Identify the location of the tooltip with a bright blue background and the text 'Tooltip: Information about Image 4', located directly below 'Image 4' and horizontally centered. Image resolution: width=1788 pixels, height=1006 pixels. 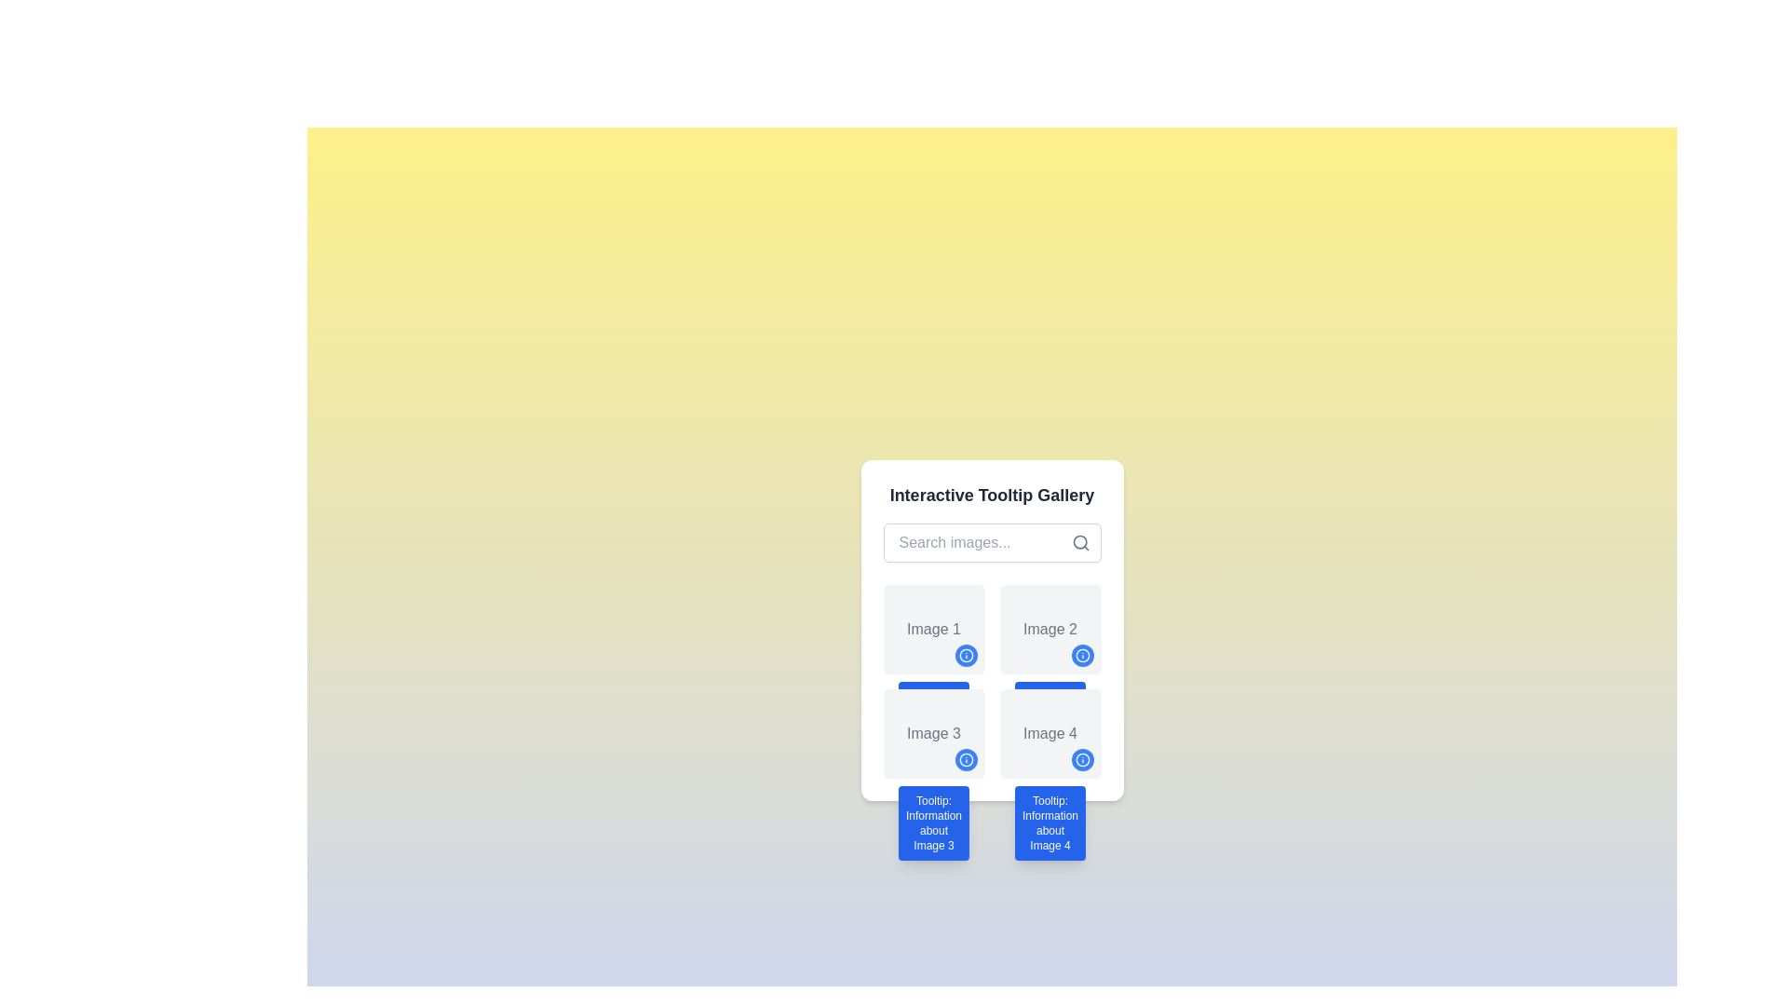
(1050, 822).